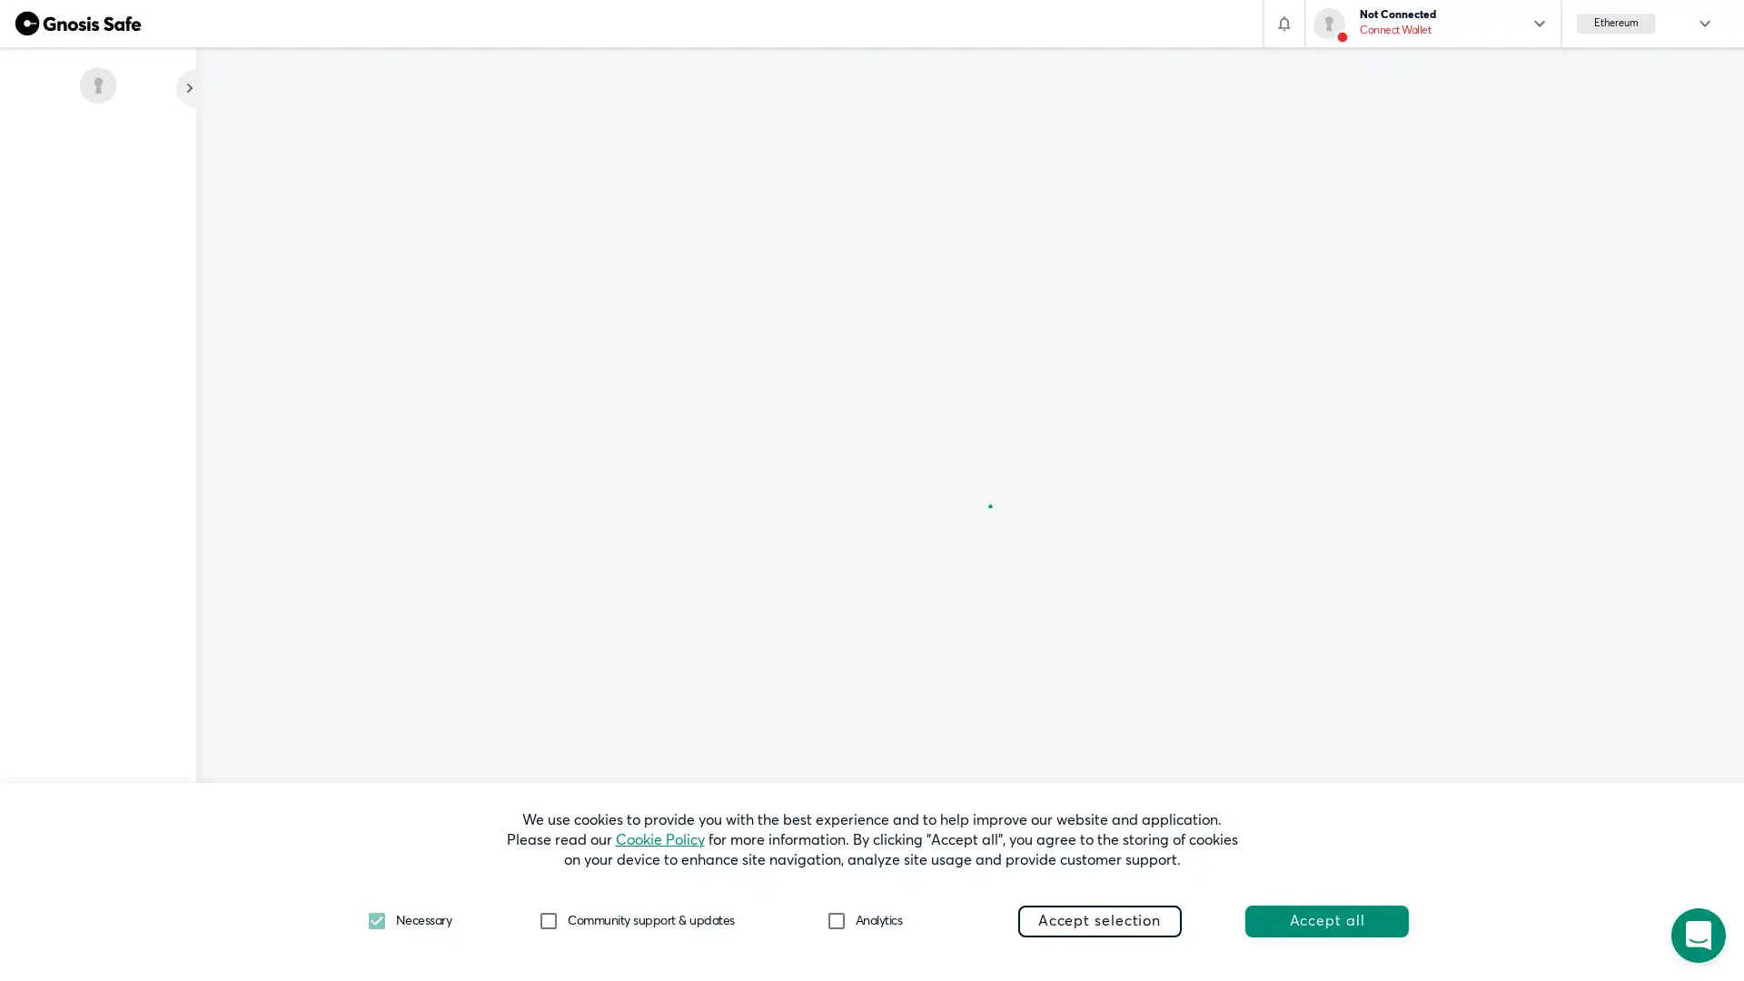 The image size is (1744, 981). I want to click on Accept all, so click(1326, 920).